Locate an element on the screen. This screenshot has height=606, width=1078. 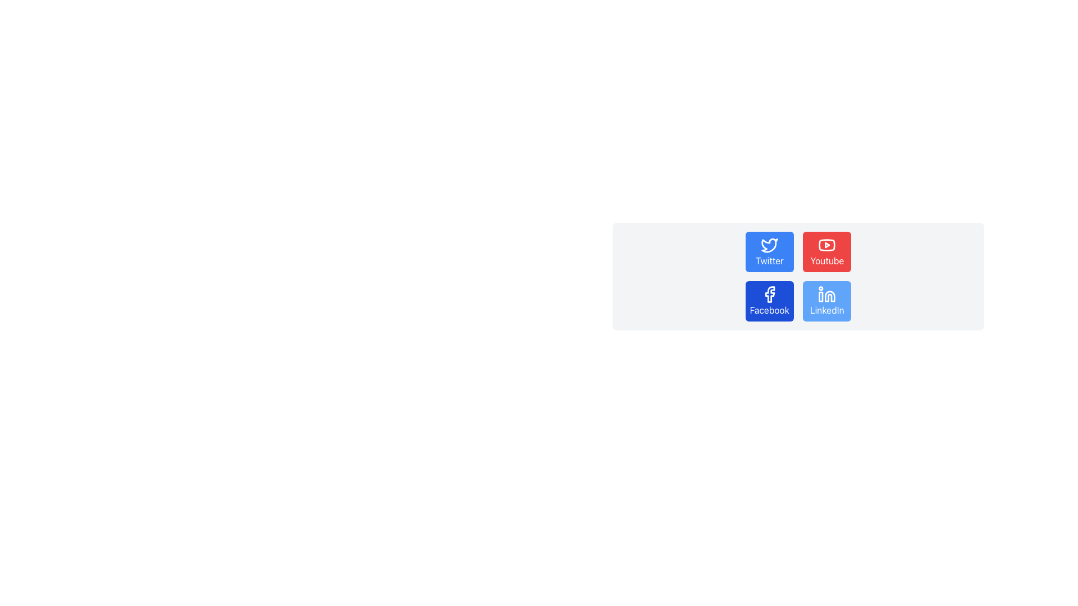
the blue rectangular button with the Twitter bird icon and the text 'Twitter' is located at coordinates (769, 251).